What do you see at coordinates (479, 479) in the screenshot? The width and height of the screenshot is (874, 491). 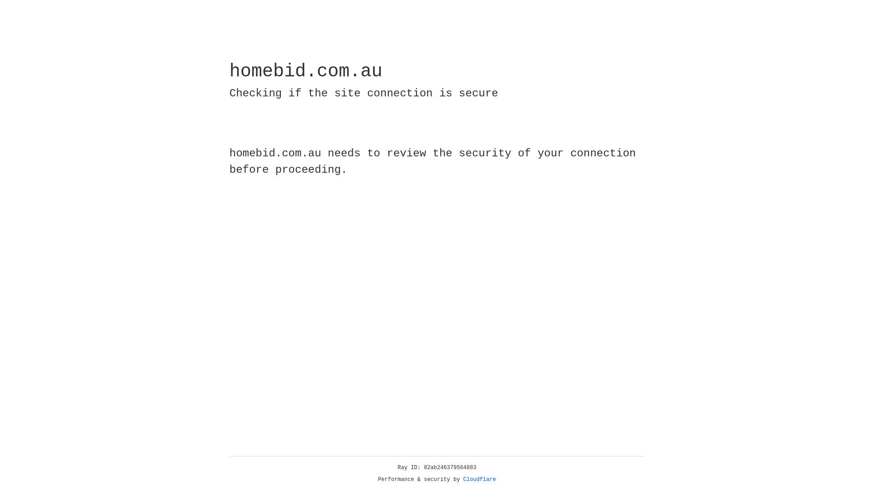 I see `'Cloudflare'` at bounding box center [479, 479].